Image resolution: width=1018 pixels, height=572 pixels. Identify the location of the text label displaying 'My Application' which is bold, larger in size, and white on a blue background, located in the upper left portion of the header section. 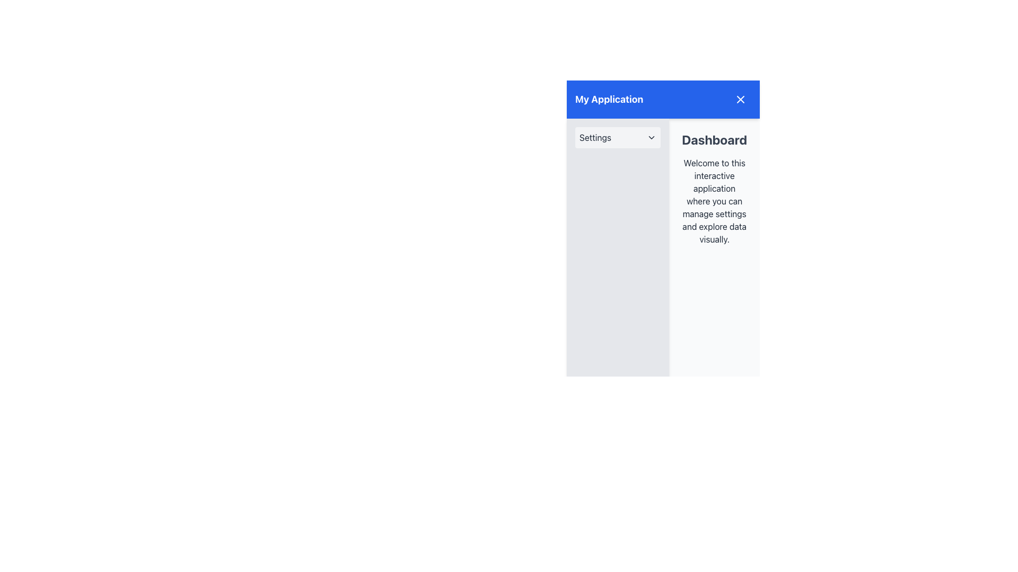
(609, 100).